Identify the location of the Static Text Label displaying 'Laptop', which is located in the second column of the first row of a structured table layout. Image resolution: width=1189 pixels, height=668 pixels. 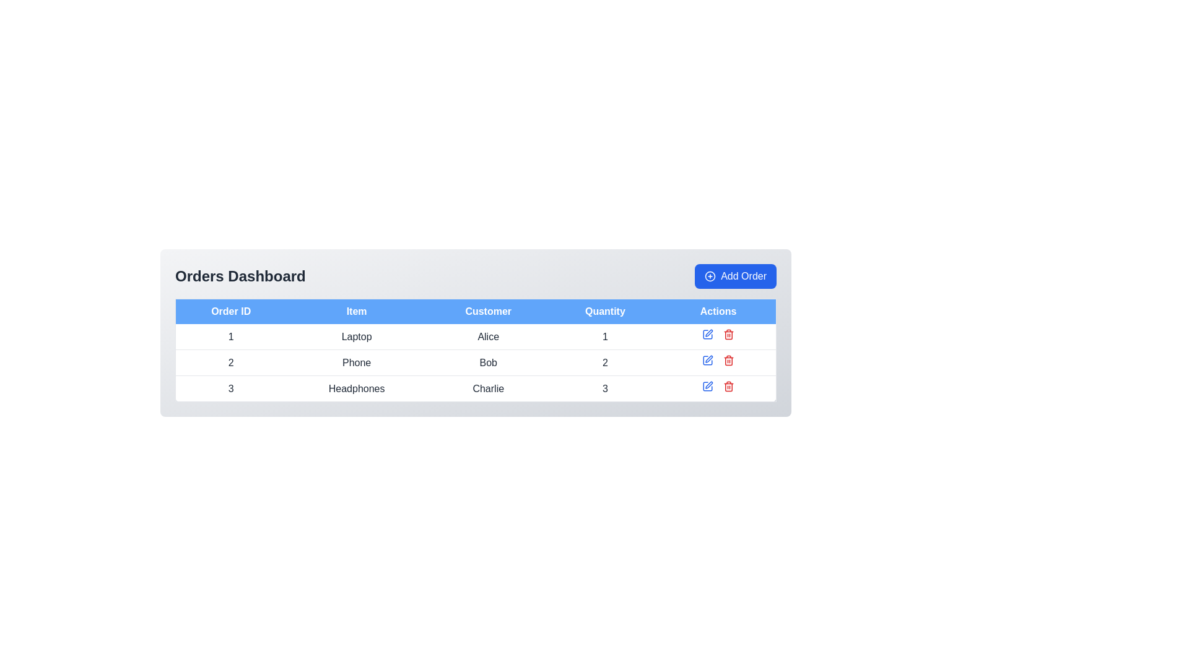
(356, 336).